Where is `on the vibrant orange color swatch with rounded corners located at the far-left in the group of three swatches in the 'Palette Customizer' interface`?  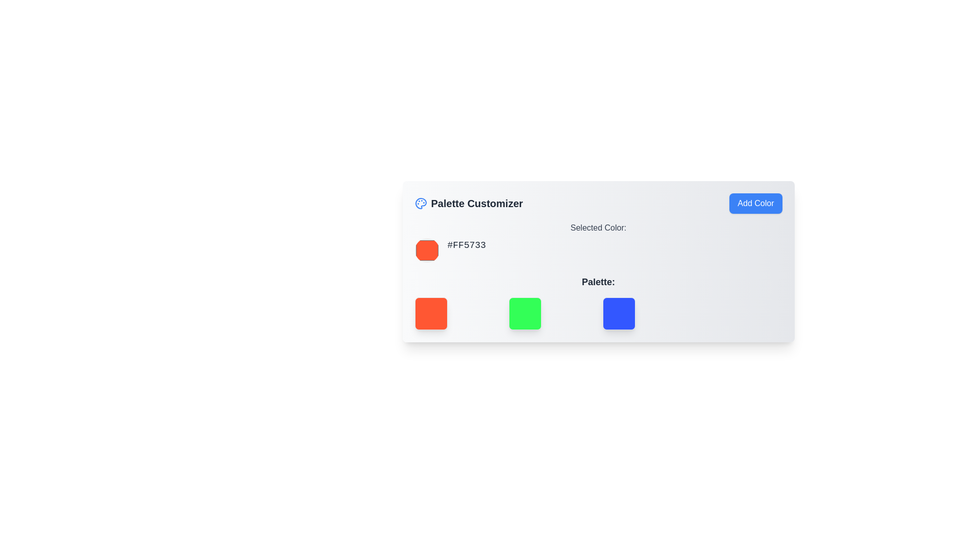
on the vibrant orange color swatch with rounded corners located at the far-left in the group of three swatches in the 'Palette Customizer' interface is located at coordinates (457, 313).